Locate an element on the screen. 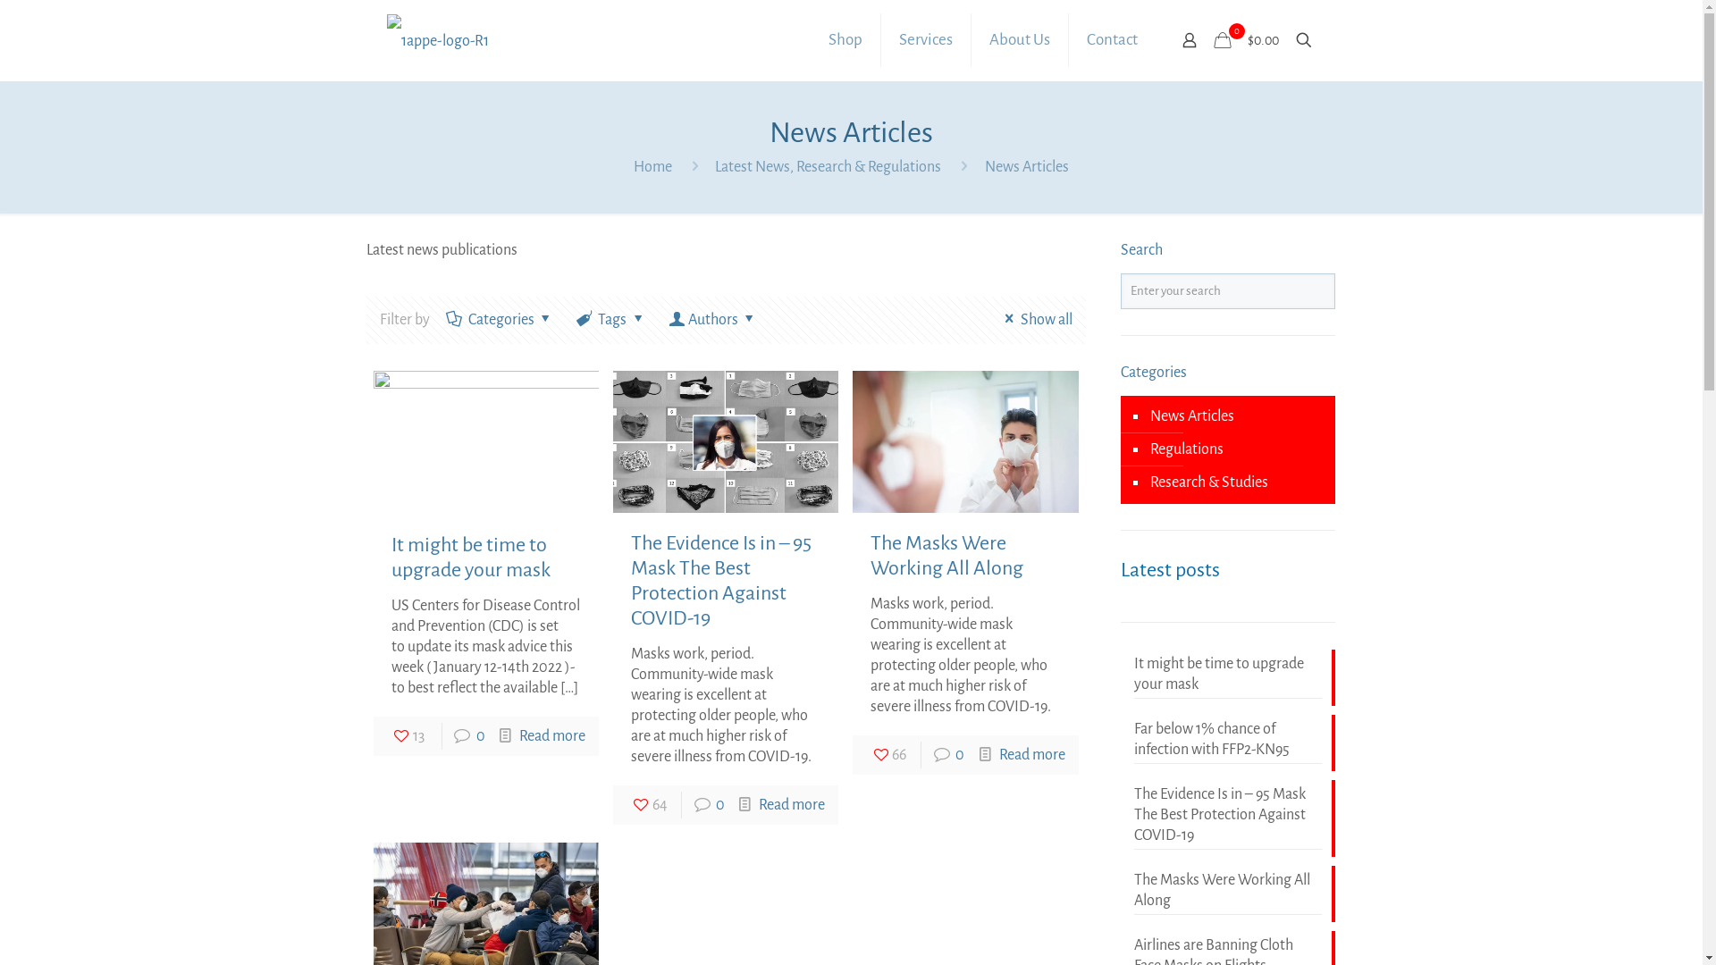 Image resolution: width=1716 pixels, height=965 pixels. 'Latest News, Research & Regulations' is located at coordinates (827, 166).